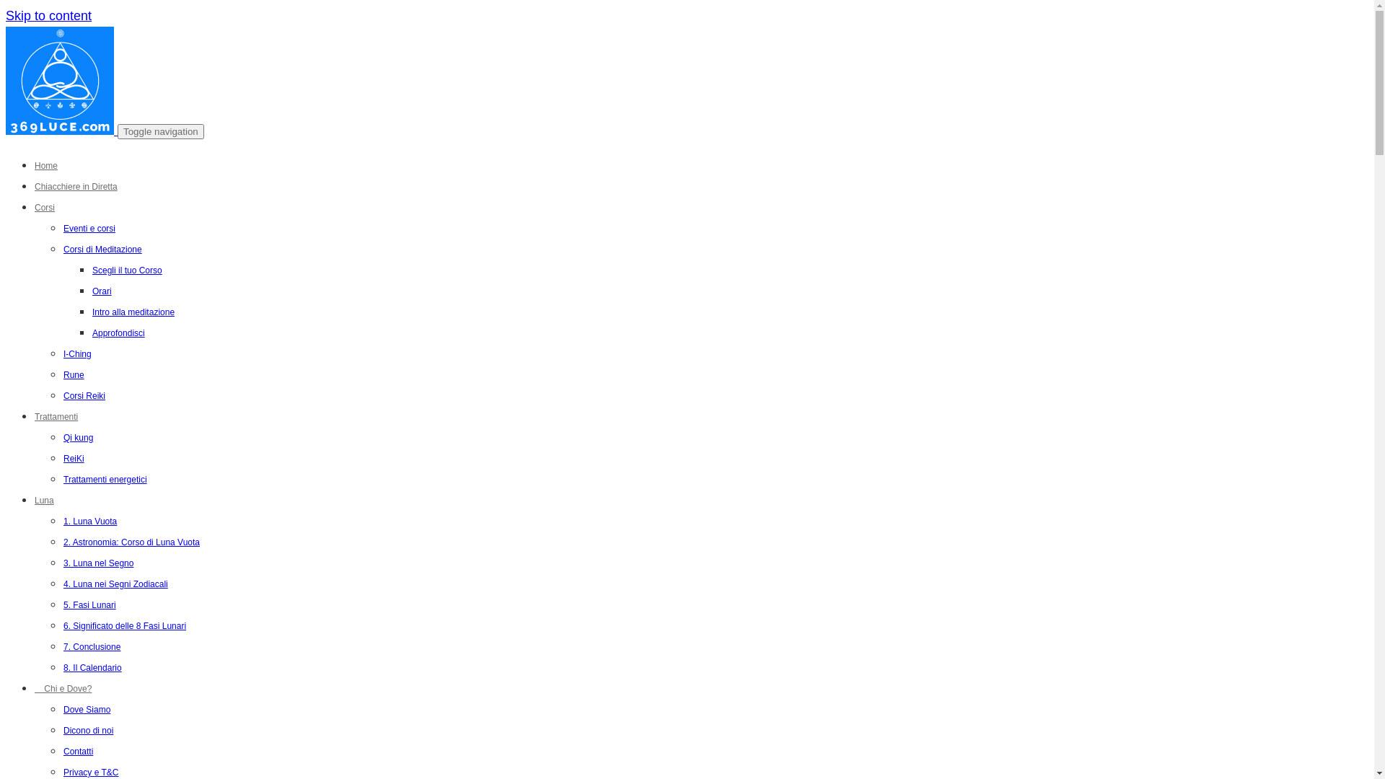 This screenshot has height=779, width=1385. I want to click on '    Chi e Dove?', so click(35, 688).